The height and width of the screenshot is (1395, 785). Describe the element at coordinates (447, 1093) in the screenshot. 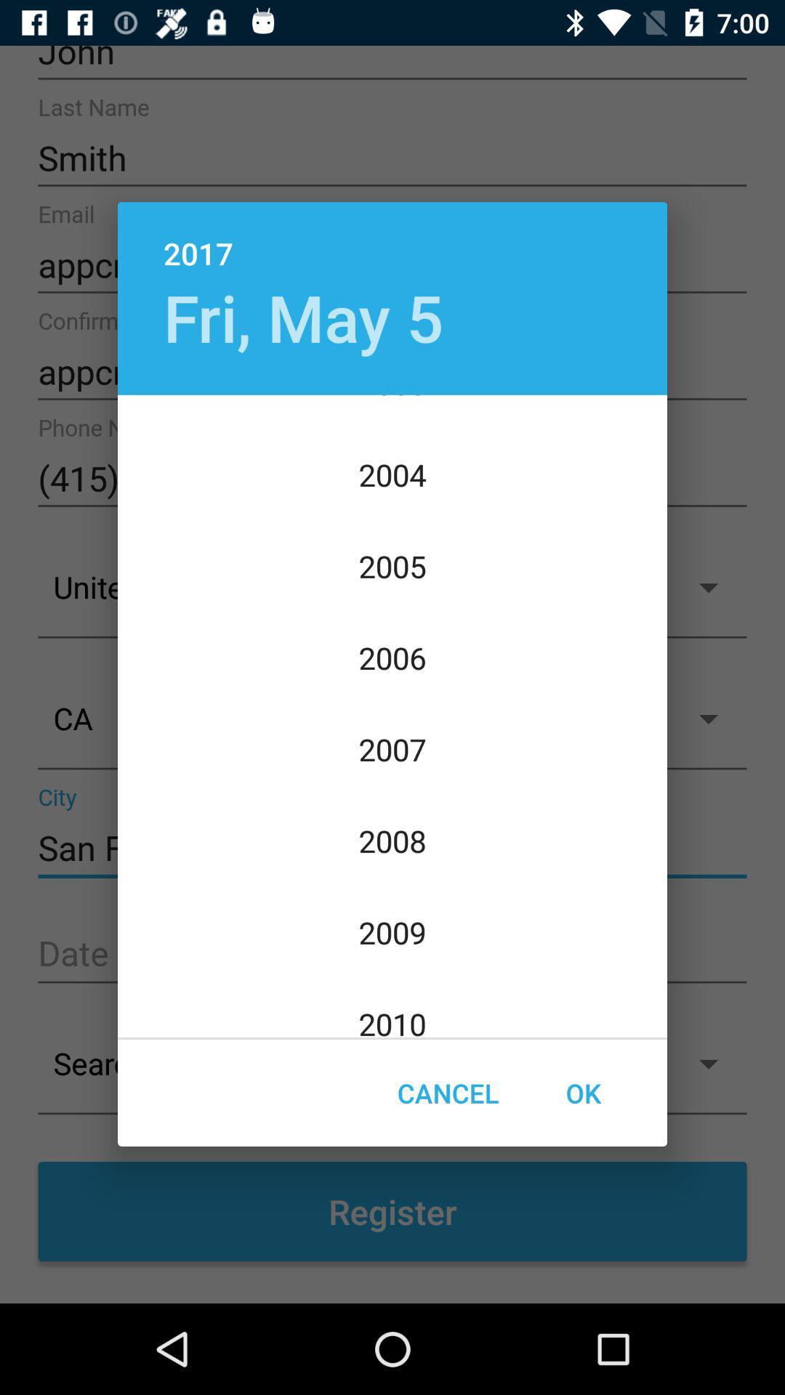

I see `icon below 2010` at that location.